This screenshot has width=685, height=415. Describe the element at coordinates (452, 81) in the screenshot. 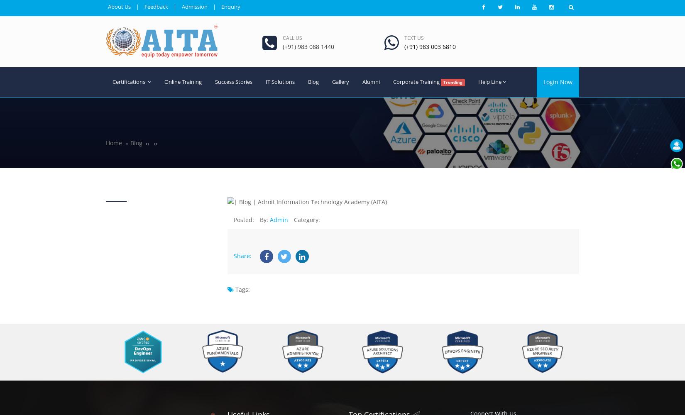

I see `'Trending'` at that location.